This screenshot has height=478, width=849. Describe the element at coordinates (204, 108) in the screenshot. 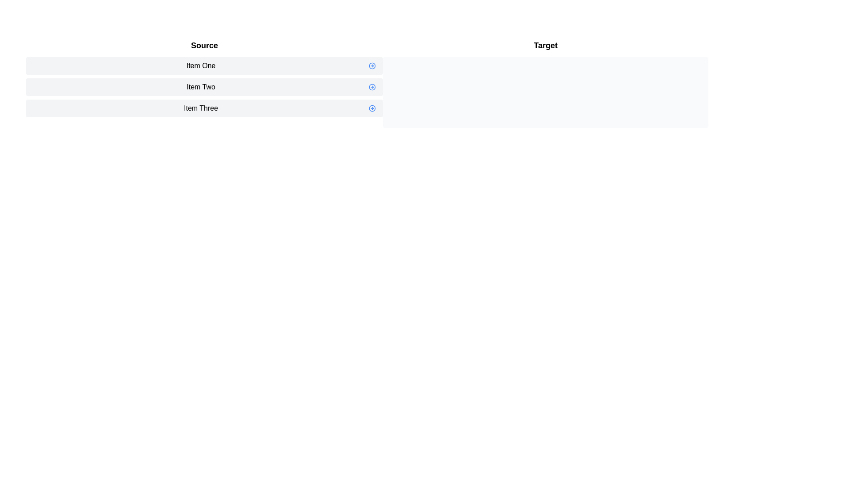

I see `the selectable list item labeled 'Item Three', which is the third item in the vertical list within the 'Source' column` at that location.